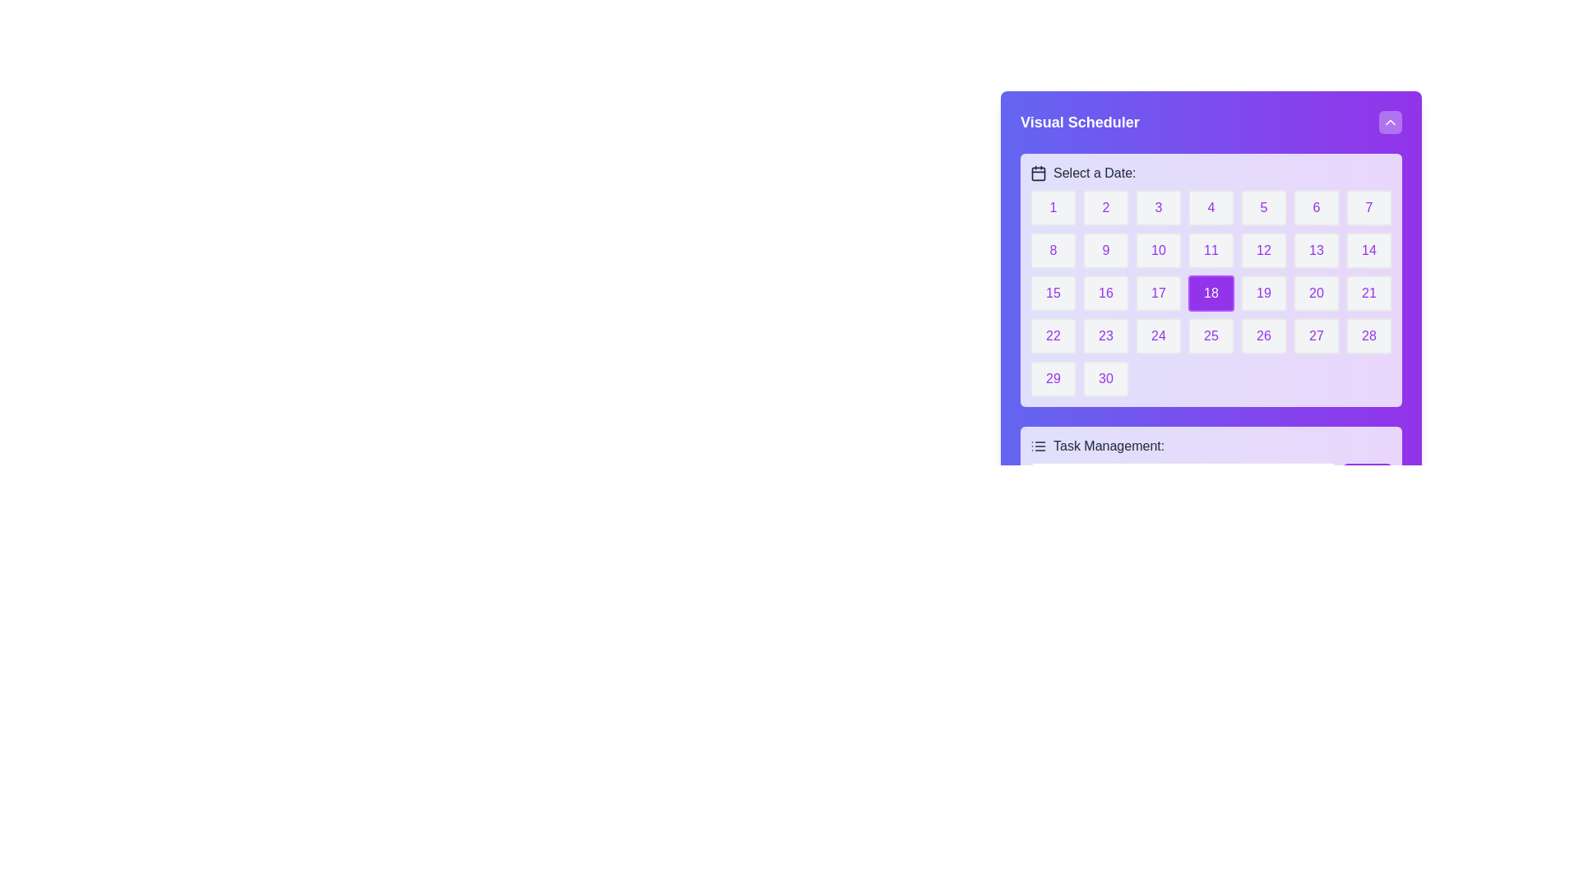  I want to click on text from the bold and large-sized label displaying 'Visual Scheduler', styled with distinctive white text against a gradient purple background, located at the top-left within the interface module, so click(1080, 122).